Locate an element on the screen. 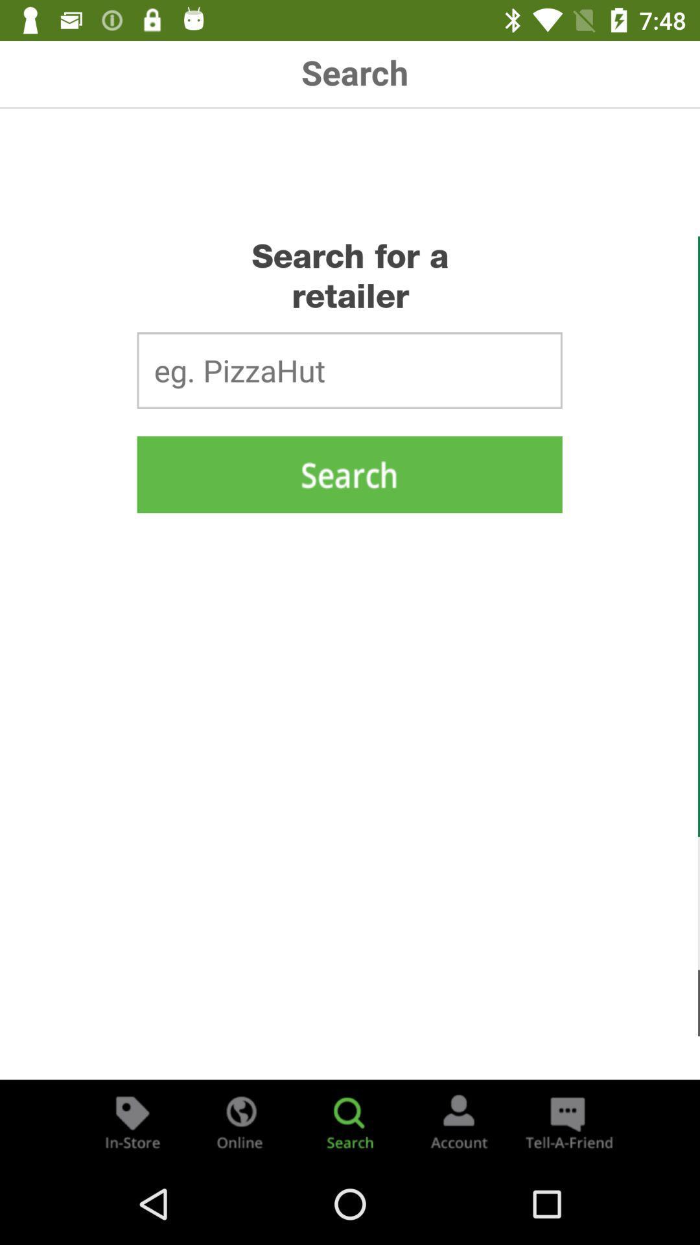 This screenshot has height=1245, width=700. search option is located at coordinates (350, 1120).